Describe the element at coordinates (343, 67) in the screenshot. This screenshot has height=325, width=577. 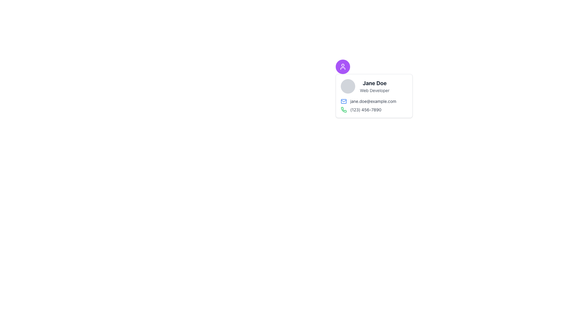
I see `the user profile icon, which is part of a circular button with a purple background located in the upper-left corner of the user information card` at that location.